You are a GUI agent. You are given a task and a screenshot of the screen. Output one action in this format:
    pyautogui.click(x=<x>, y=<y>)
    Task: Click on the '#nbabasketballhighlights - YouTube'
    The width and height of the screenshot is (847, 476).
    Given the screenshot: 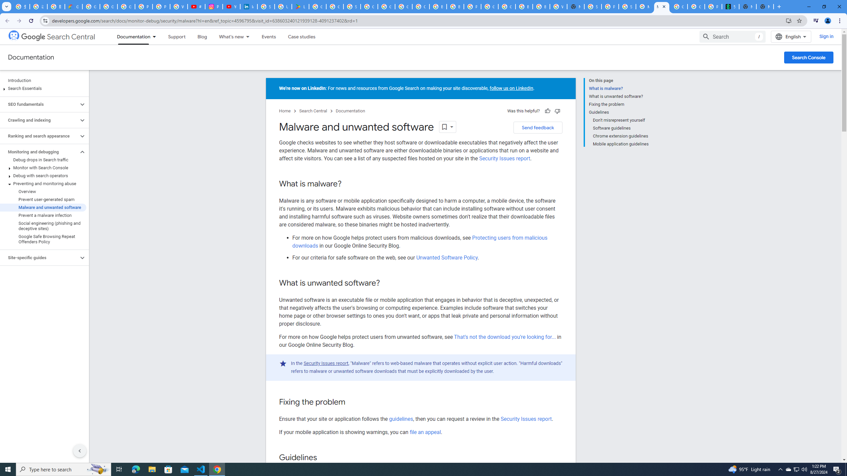 What is the action you would take?
    pyautogui.click(x=196, y=6)
    